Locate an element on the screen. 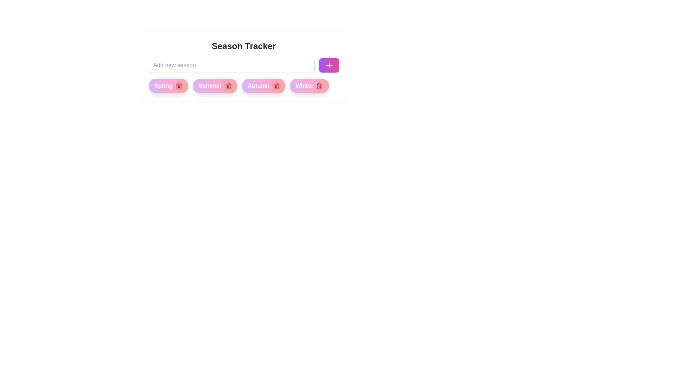 This screenshot has width=693, height=390. the text in the input field to 16 is located at coordinates (231, 65).